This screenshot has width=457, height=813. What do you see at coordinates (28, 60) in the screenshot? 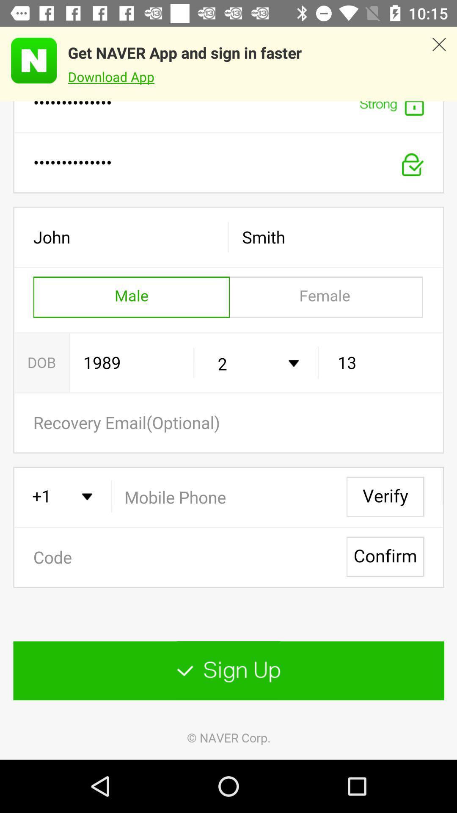
I see `advertisement page` at bounding box center [28, 60].